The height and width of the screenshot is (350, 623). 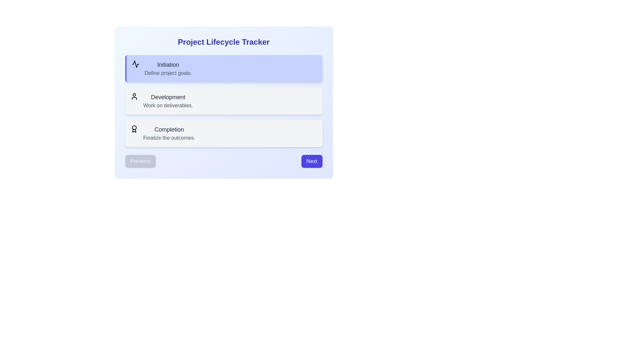 What do you see at coordinates (169, 137) in the screenshot?
I see `the static text label displaying 'Finalize the outcomes.' located beneath the 'Completion' heading in the third section of the list` at bounding box center [169, 137].